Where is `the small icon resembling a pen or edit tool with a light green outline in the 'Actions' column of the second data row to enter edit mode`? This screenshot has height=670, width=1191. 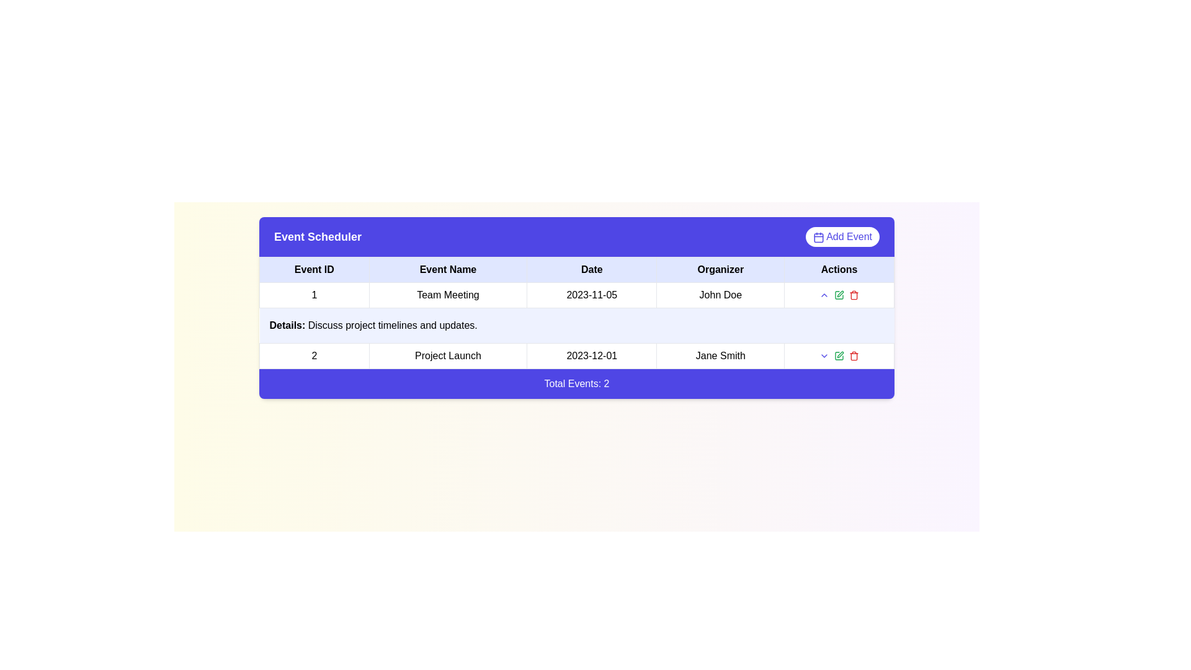
the small icon resembling a pen or edit tool with a light green outline in the 'Actions' column of the second data row to enter edit mode is located at coordinates (841, 354).